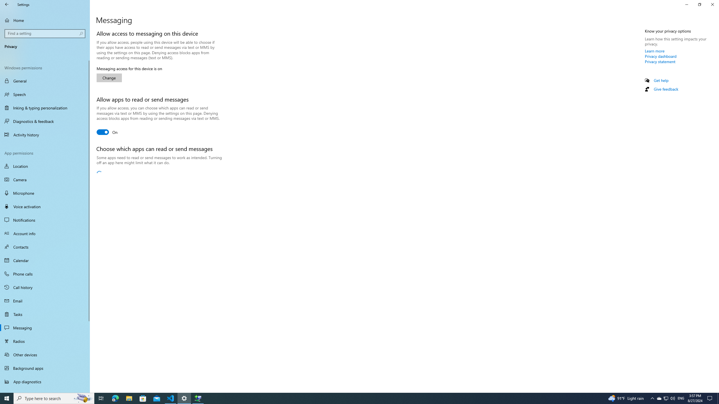 Image resolution: width=719 pixels, height=404 pixels. What do you see at coordinates (45, 381) in the screenshot?
I see `'App diagnostics'` at bounding box center [45, 381].